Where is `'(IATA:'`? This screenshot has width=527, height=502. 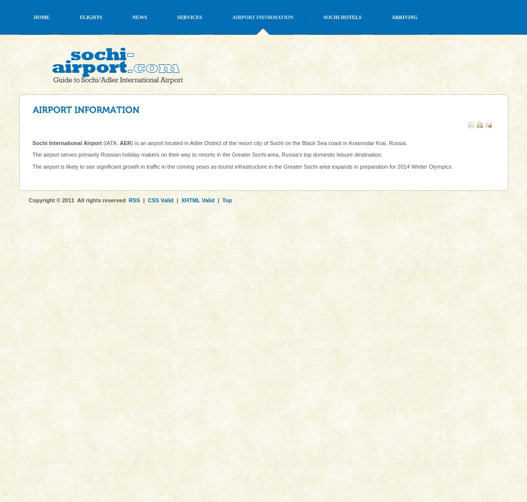
'(IATA:' is located at coordinates (109, 143).